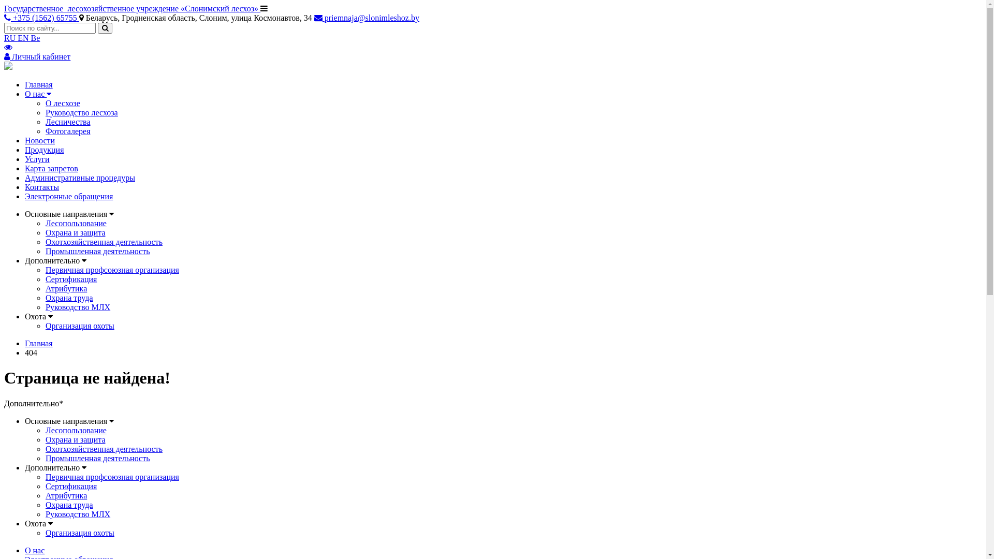 This screenshot has width=994, height=559. I want to click on 'priemnaja@slonimleshoz.by', so click(367, 18).